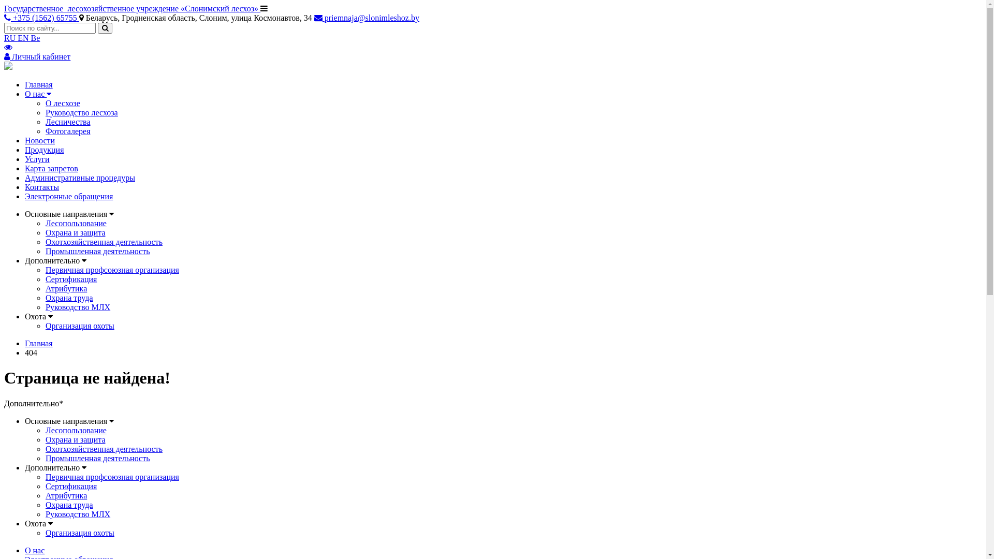 This screenshot has width=994, height=559. I want to click on 'priemnaja@slonimleshoz.by', so click(367, 18).